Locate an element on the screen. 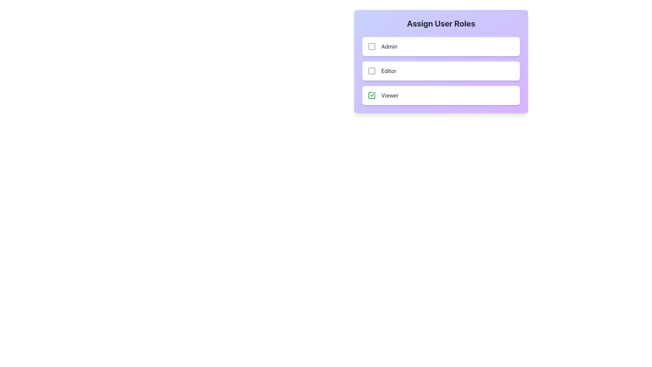 The image size is (652, 367). the checkbox is located at coordinates (371, 46).